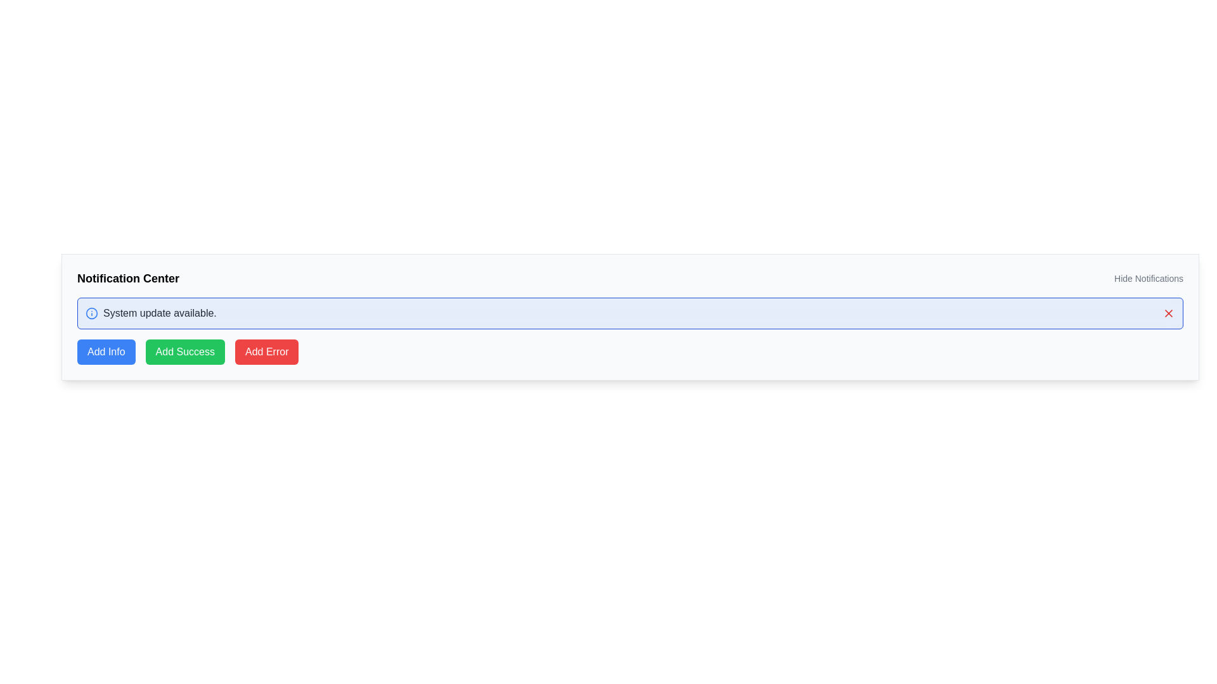 This screenshot has height=684, width=1217. What do you see at coordinates (266, 351) in the screenshot?
I see `the button with a red background labeled 'Add Error' to trigger hover effects` at bounding box center [266, 351].